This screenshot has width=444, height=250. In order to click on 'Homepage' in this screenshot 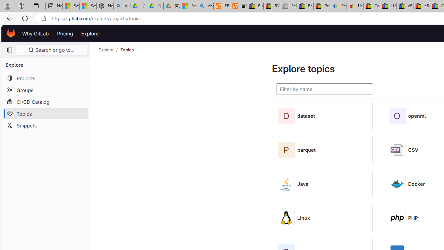, I will do `click(11, 33)`.